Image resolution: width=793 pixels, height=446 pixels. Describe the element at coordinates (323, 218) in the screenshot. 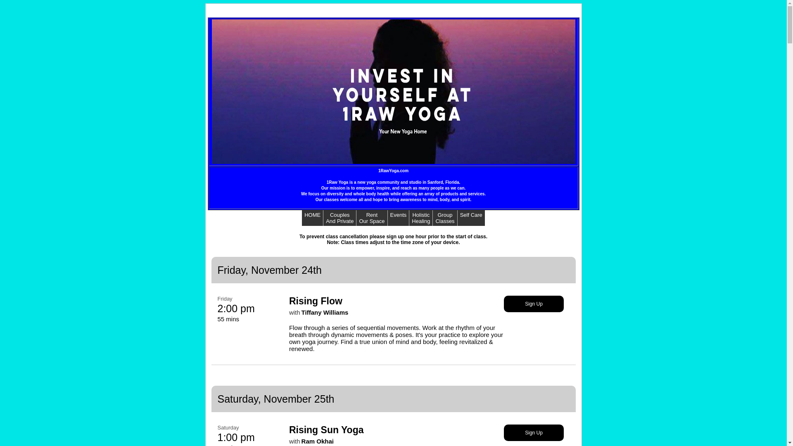

I see `'Couples` at that location.